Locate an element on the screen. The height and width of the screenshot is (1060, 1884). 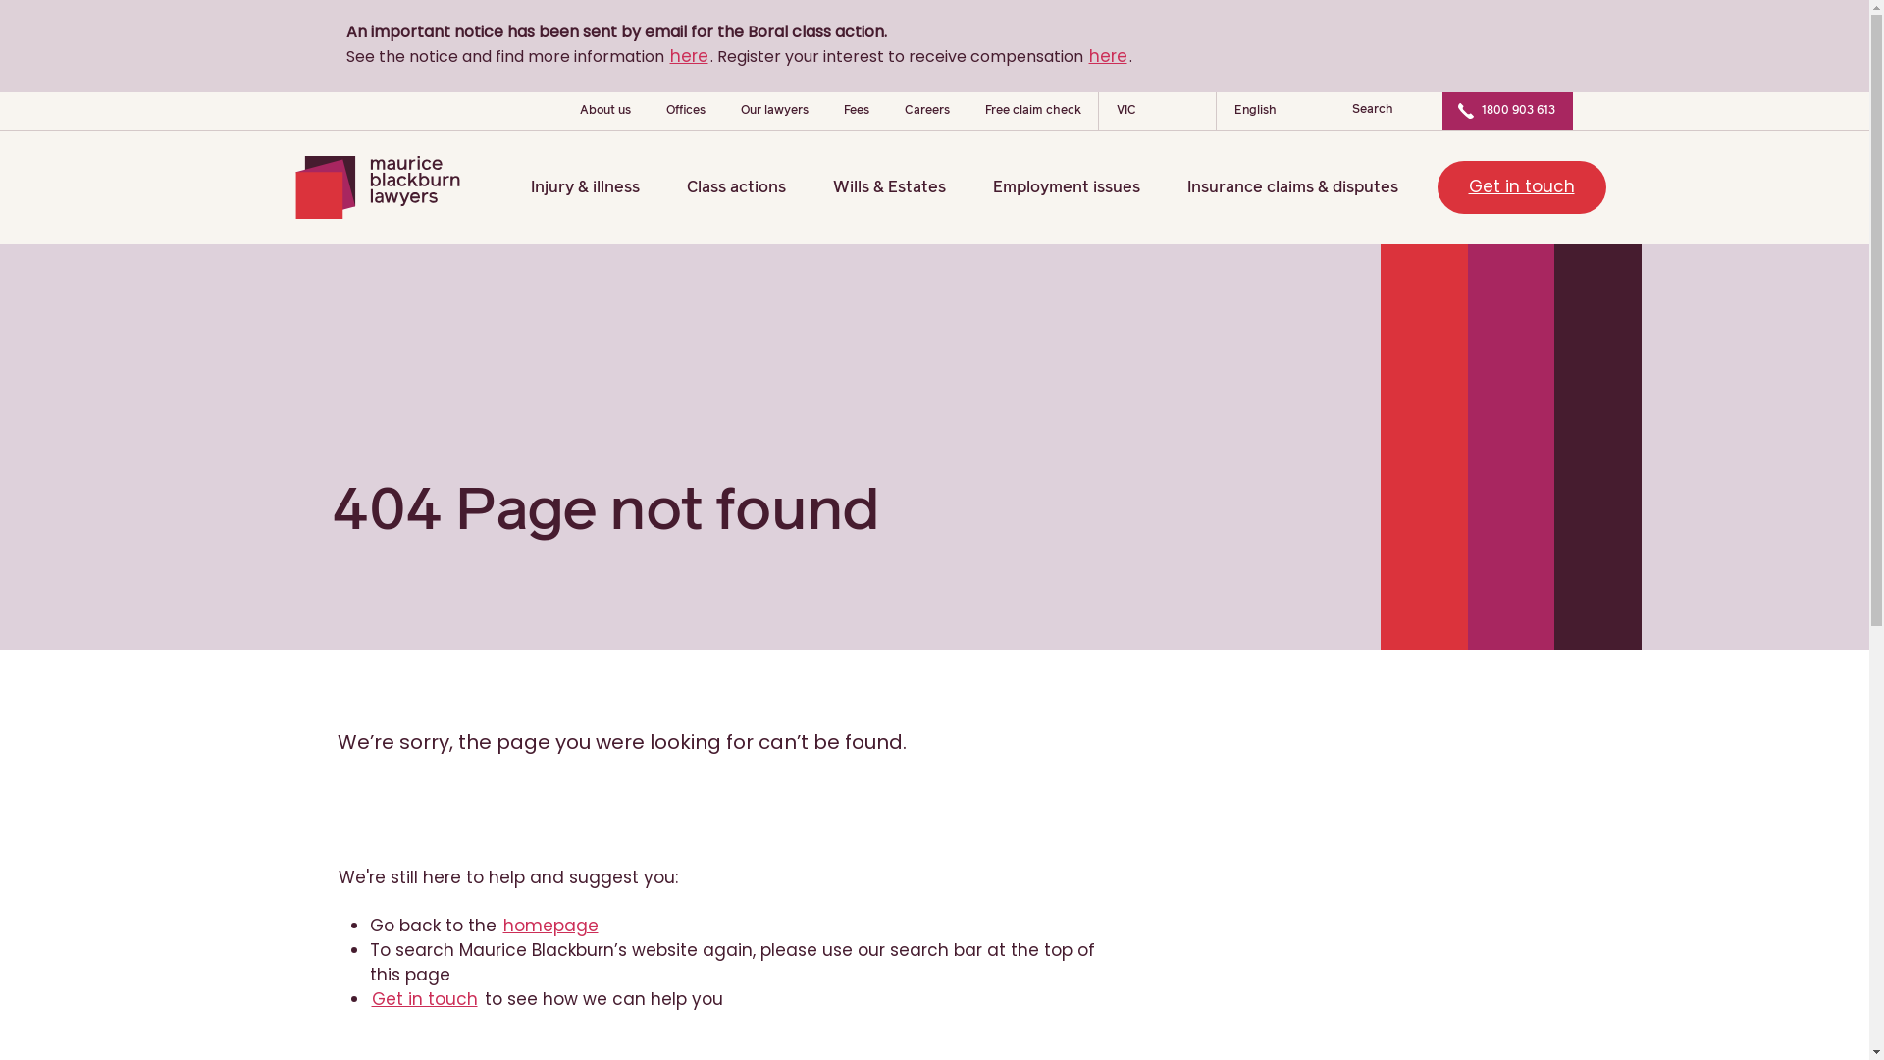
'Employment issues' is located at coordinates (984, 187).